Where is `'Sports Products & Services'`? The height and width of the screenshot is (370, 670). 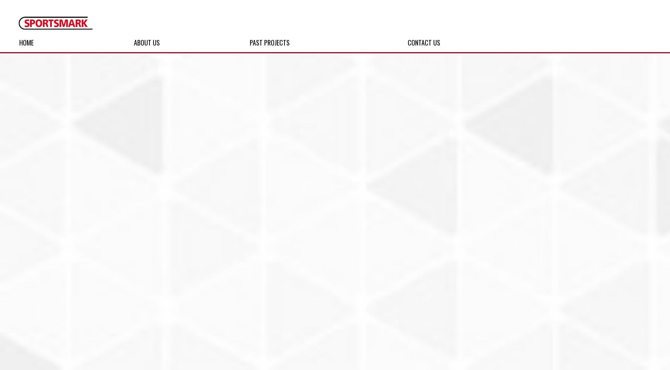
'Sports Products & Services' is located at coordinates (82, 42).